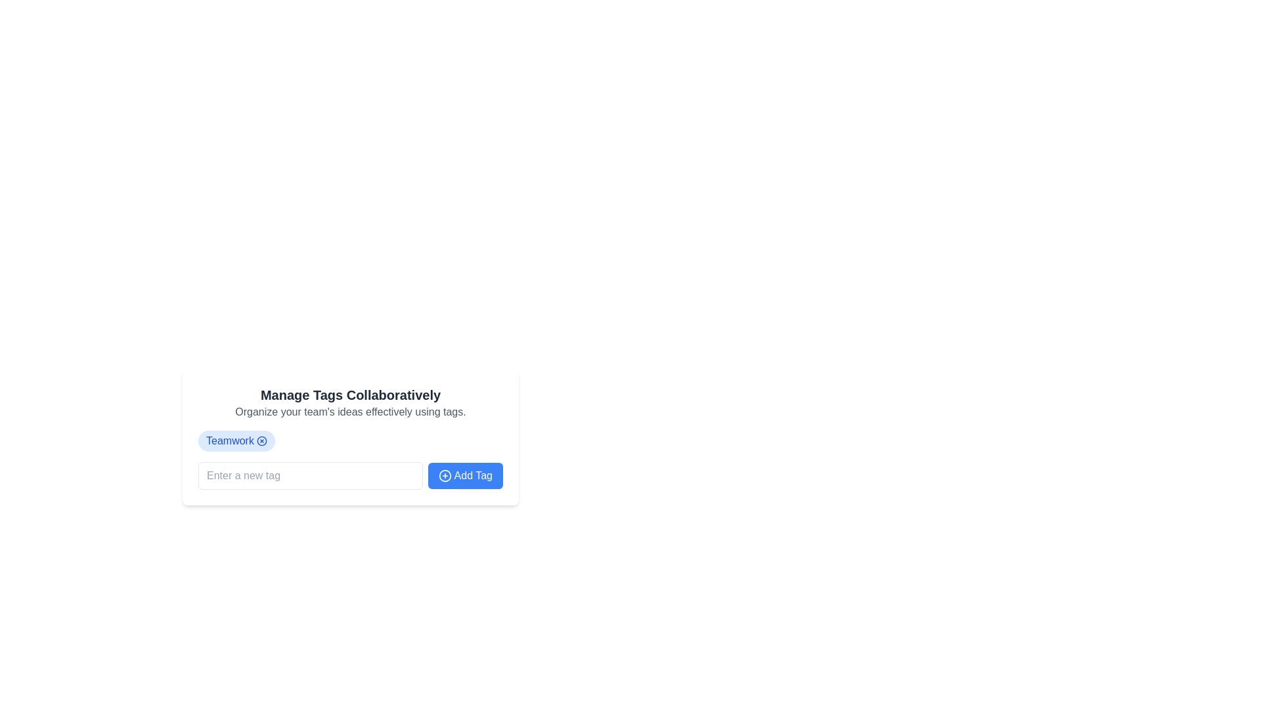 The image size is (1261, 709). What do you see at coordinates (261, 440) in the screenshot?
I see `the Close button, which is a small circle icon with an 'X' inside it, located on the far-right within the rounded tag labeled 'Teamwork'` at bounding box center [261, 440].